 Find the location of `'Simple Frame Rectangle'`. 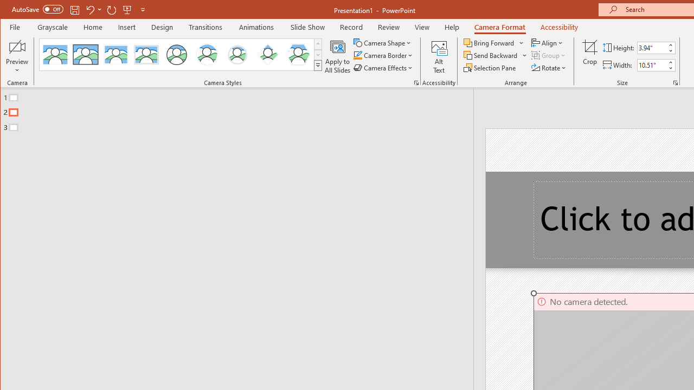

'Simple Frame Rectangle' is located at coordinates (85, 54).